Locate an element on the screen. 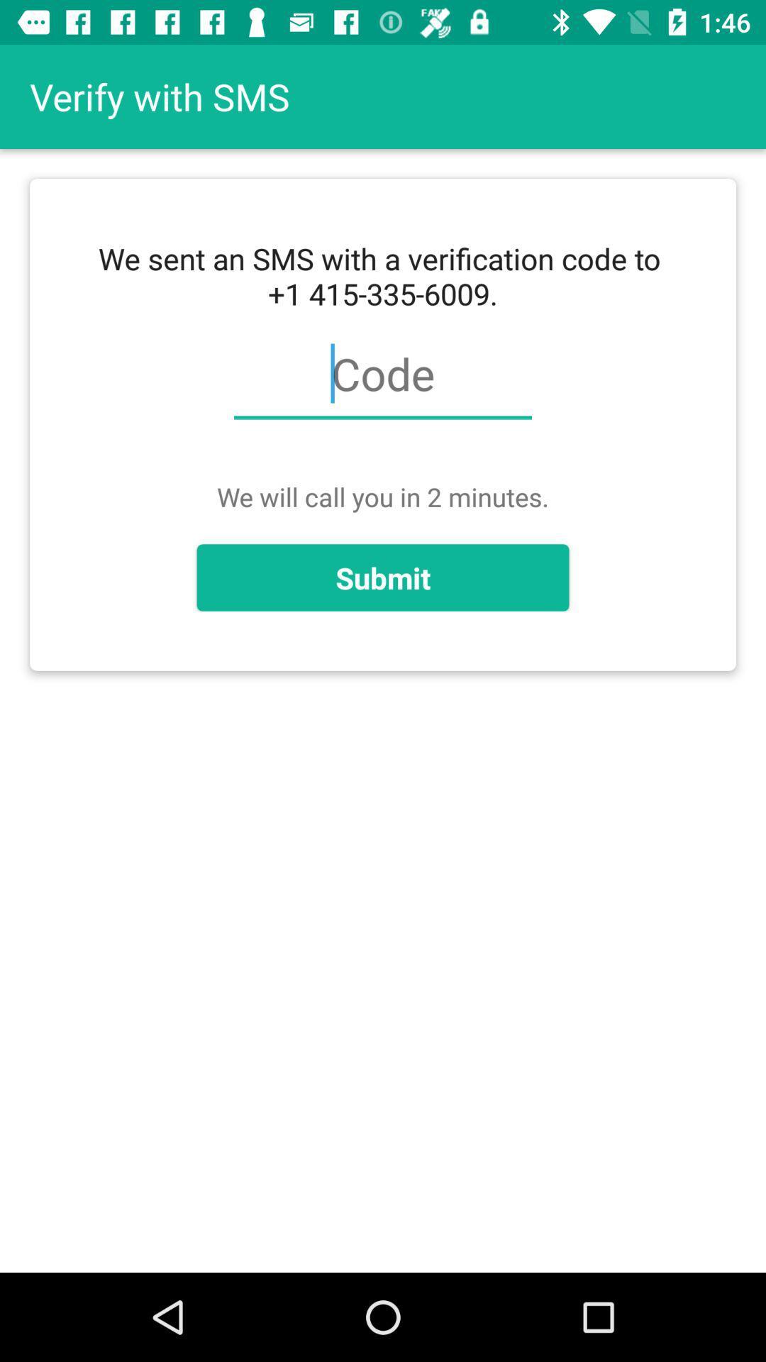 This screenshot has height=1362, width=766. the submit icon is located at coordinates (383, 577).